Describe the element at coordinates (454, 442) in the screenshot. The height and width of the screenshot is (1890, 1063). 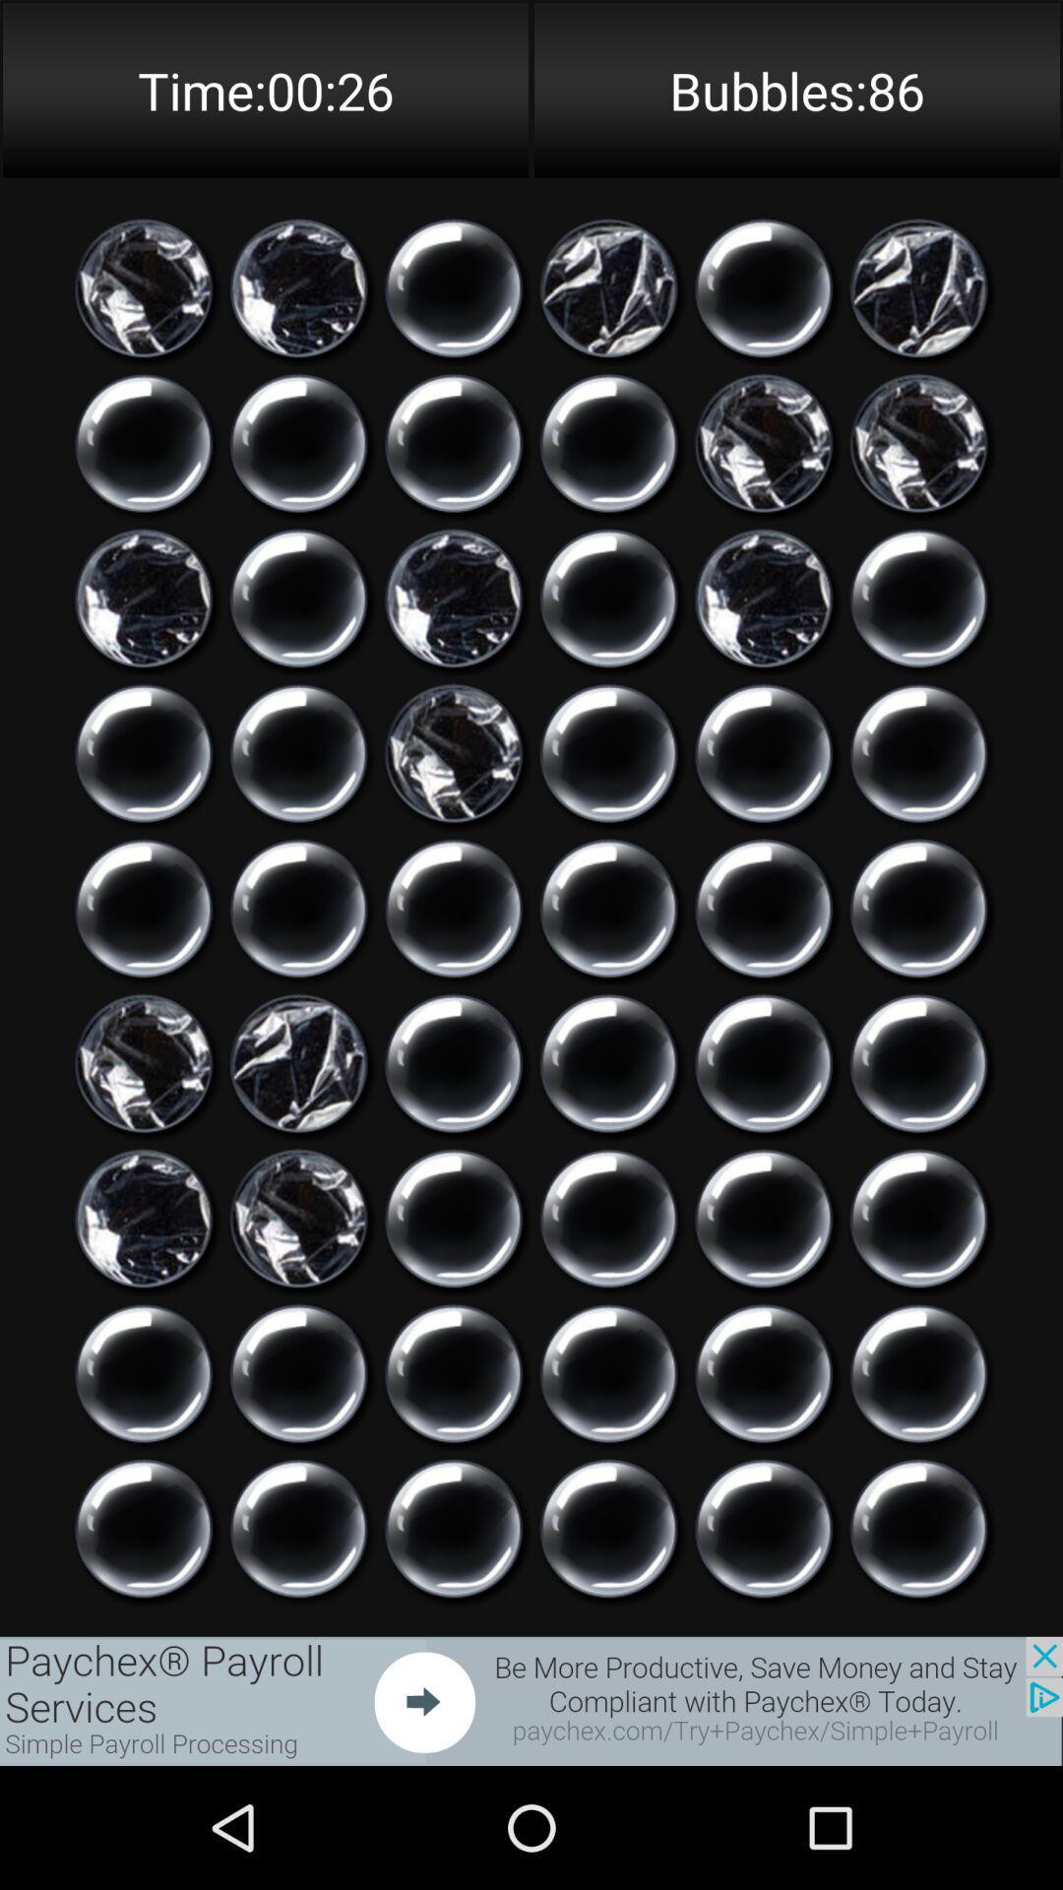
I see `stress reliever bursting bubble` at that location.